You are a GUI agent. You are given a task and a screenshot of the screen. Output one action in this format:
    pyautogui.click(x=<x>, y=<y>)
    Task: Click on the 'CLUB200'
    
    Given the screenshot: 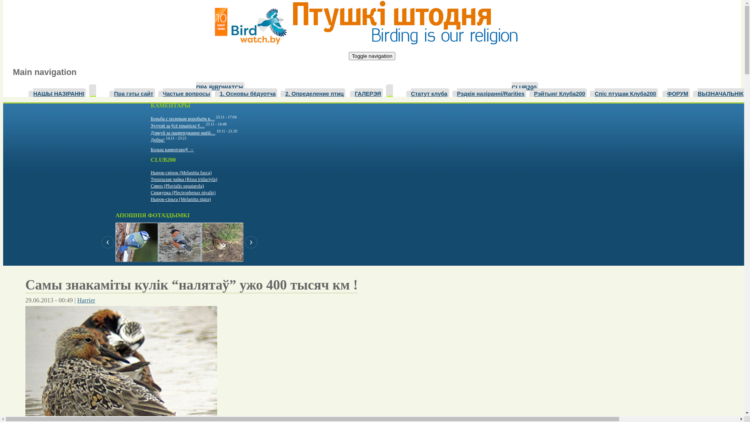 What is the action you would take?
    pyautogui.click(x=525, y=86)
    